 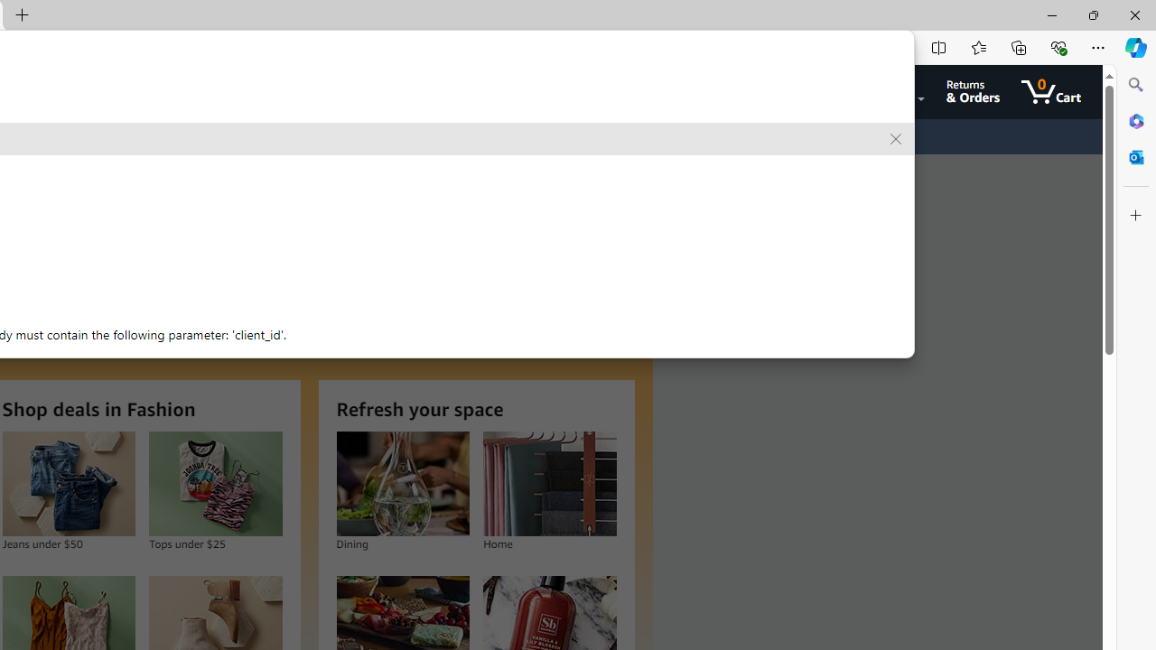 I want to click on 'Browser essentials', so click(x=1058, y=46).